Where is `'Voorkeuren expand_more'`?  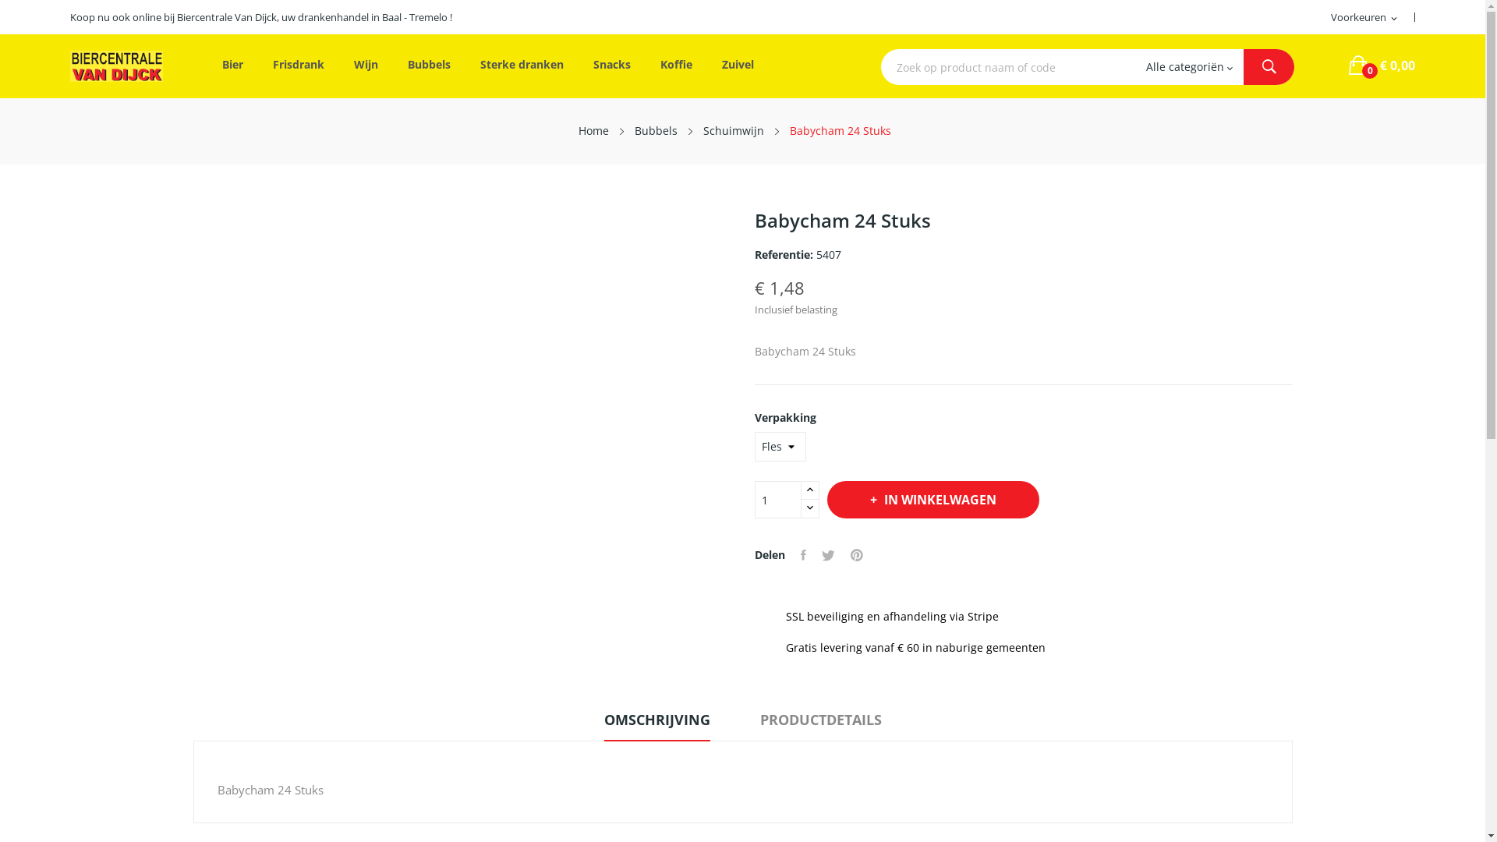 'Voorkeuren expand_more' is located at coordinates (1330, 18).